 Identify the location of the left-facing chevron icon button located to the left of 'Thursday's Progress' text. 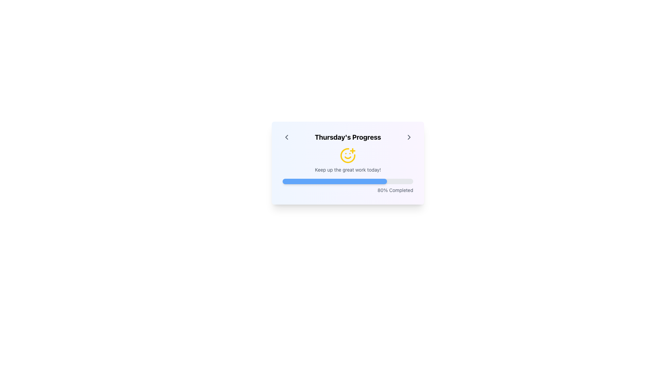
(287, 137).